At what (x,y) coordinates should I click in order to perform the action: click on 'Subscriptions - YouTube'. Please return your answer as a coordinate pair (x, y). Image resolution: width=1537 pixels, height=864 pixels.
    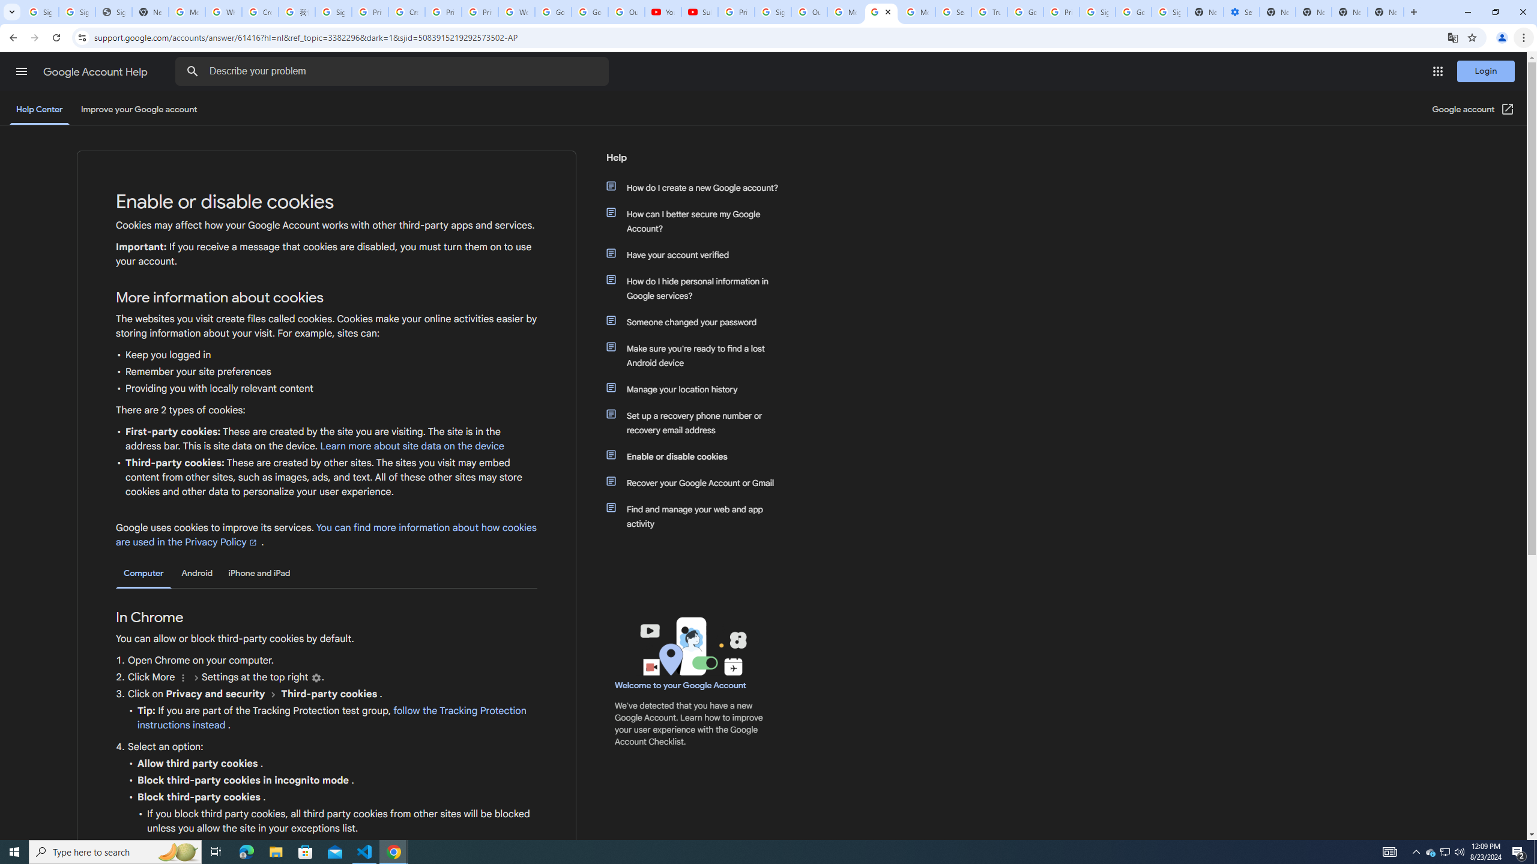
    Looking at the image, I should click on (699, 11).